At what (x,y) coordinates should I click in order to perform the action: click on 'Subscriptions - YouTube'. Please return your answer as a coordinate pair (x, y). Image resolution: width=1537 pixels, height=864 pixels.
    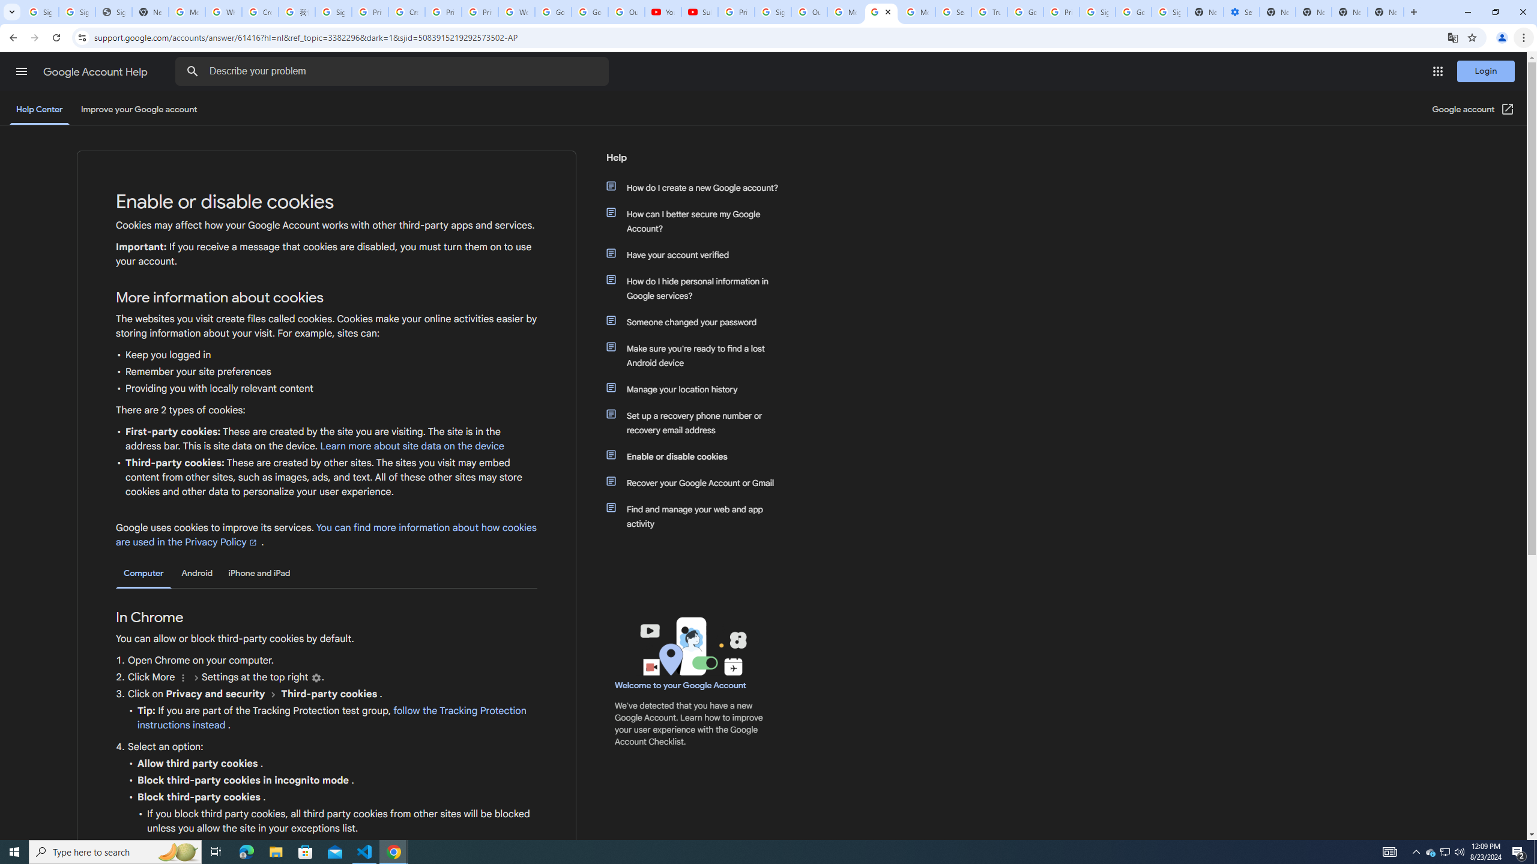
    Looking at the image, I should click on (699, 11).